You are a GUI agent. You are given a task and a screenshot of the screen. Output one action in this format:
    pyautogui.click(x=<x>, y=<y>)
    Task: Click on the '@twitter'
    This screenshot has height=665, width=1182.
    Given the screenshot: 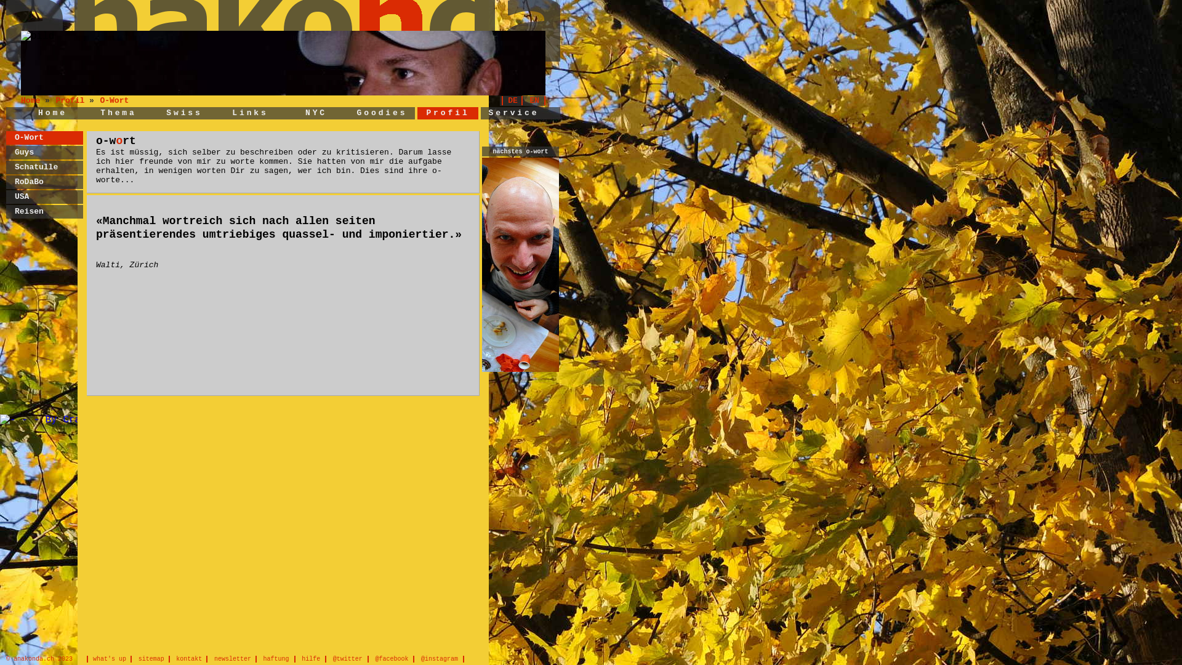 What is the action you would take?
    pyautogui.click(x=350, y=658)
    